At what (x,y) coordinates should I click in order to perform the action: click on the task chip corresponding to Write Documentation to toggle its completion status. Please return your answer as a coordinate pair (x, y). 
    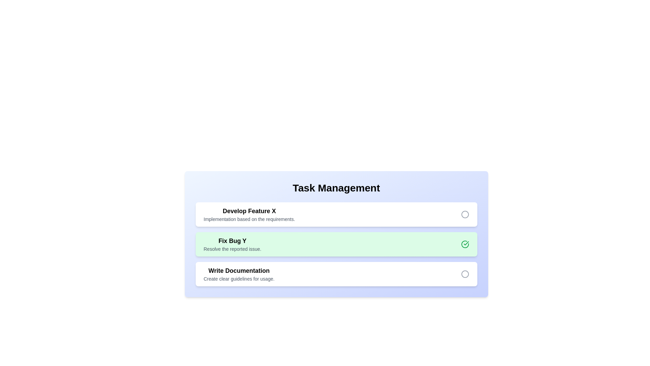
    Looking at the image, I should click on (239, 274).